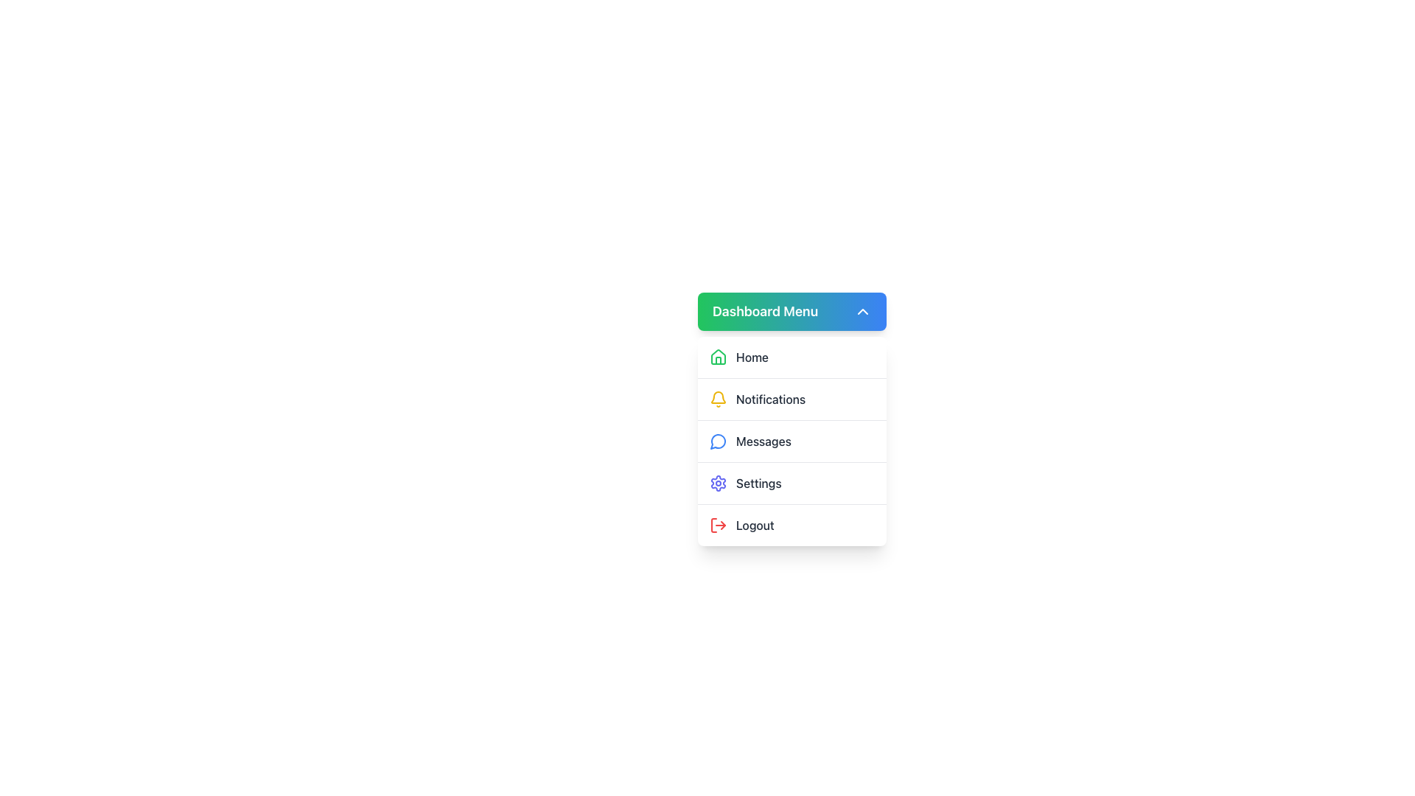 The height and width of the screenshot is (796, 1415). What do you see at coordinates (752, 357) in the screenshot?
I see `the label for the homepage in the 'Dashboard Menu'` at bounding box center [752, 357].